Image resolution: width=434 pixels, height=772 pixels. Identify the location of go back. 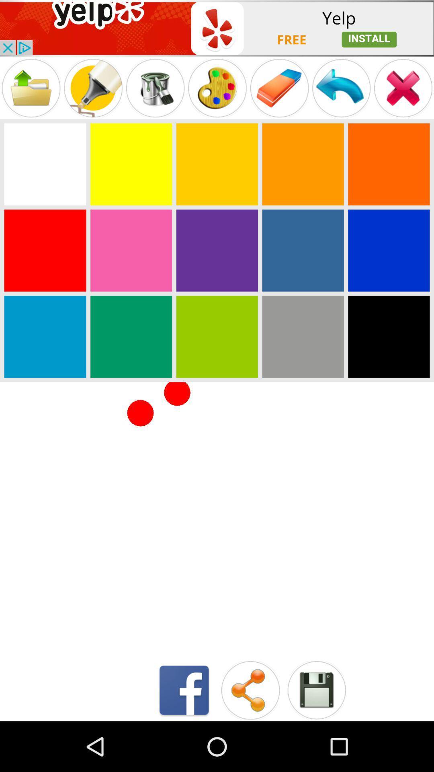
(341, 88).